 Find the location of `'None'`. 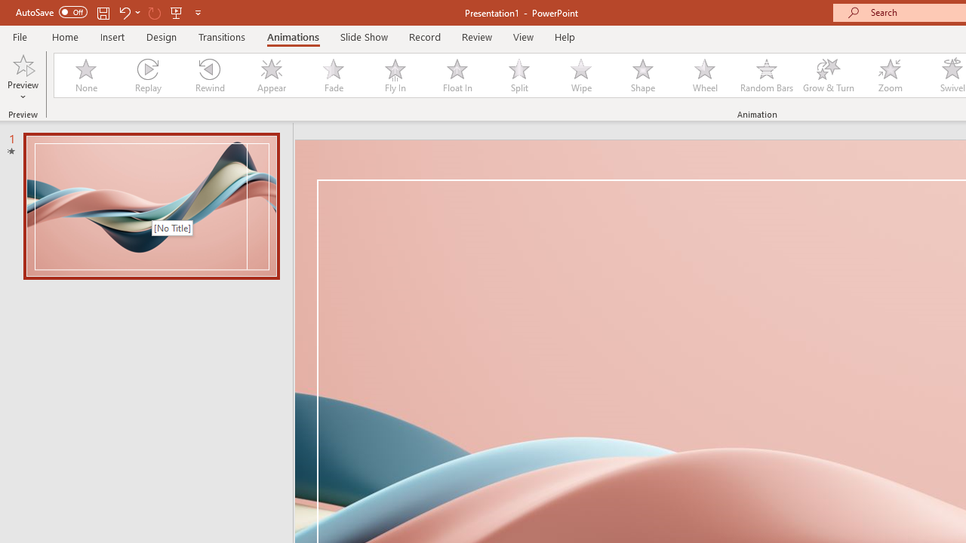

'None' is located at coordinates (85, 75).